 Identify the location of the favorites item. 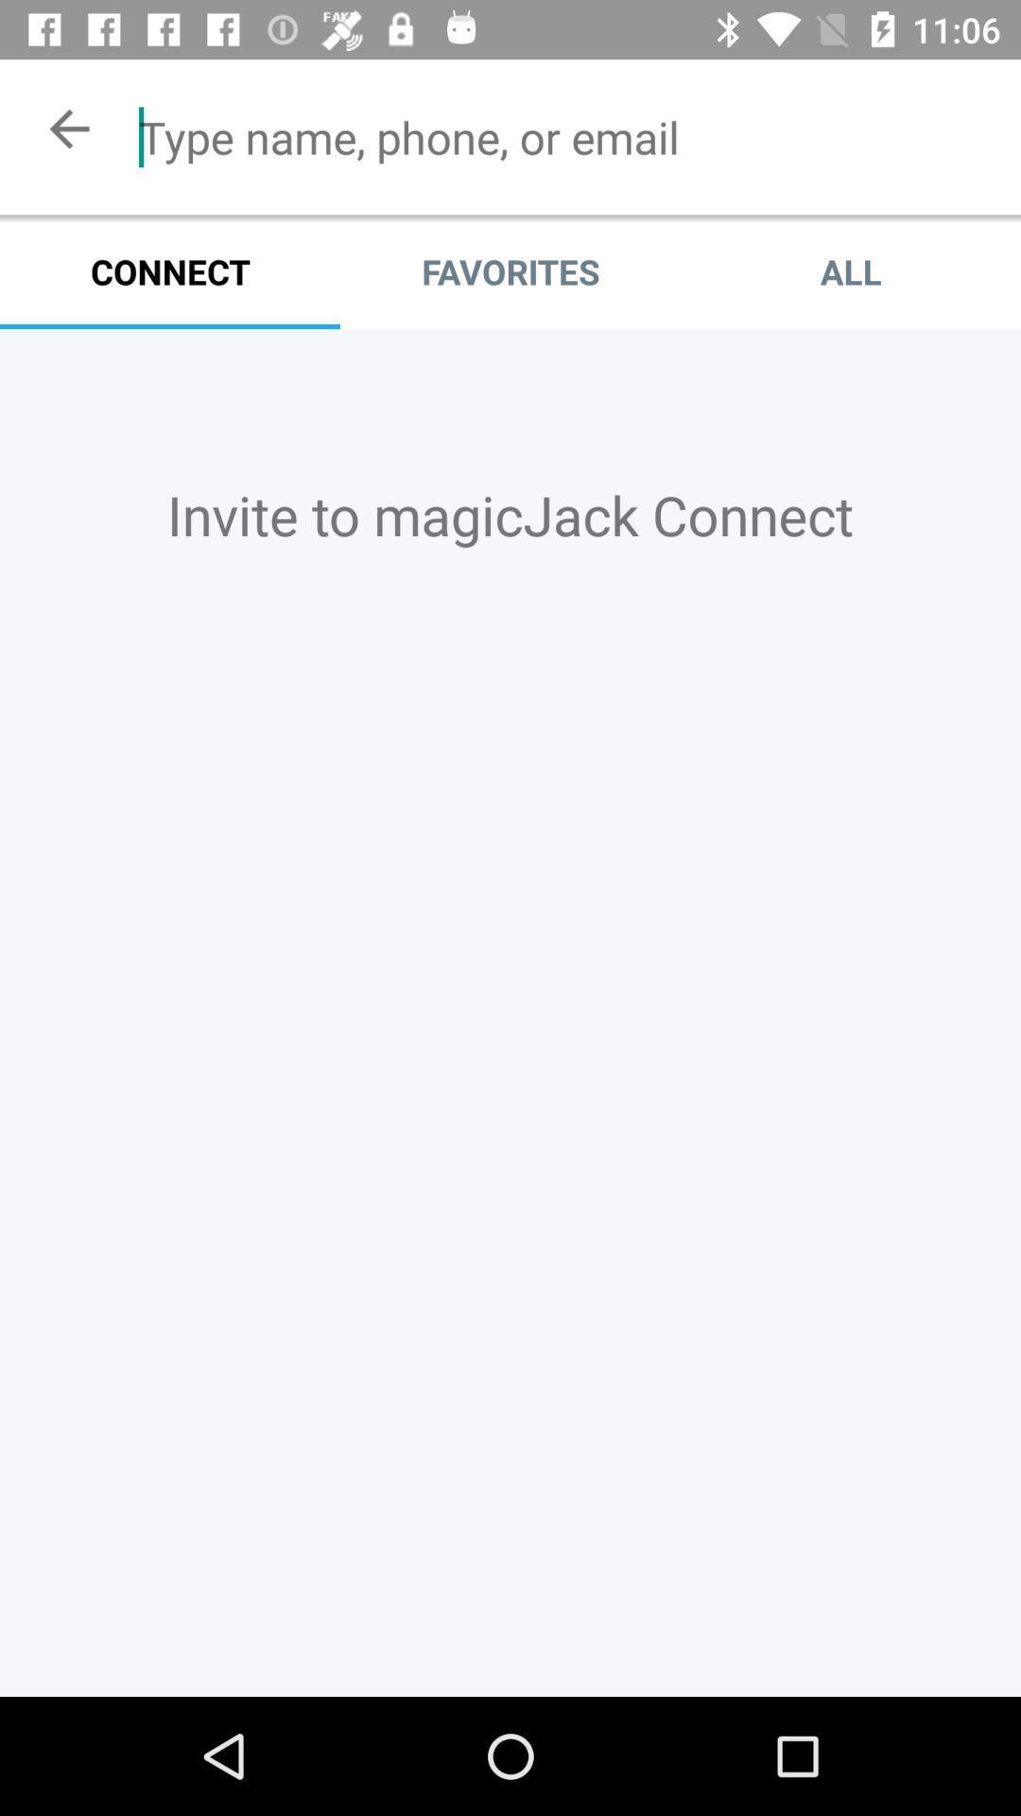
(510, 271).